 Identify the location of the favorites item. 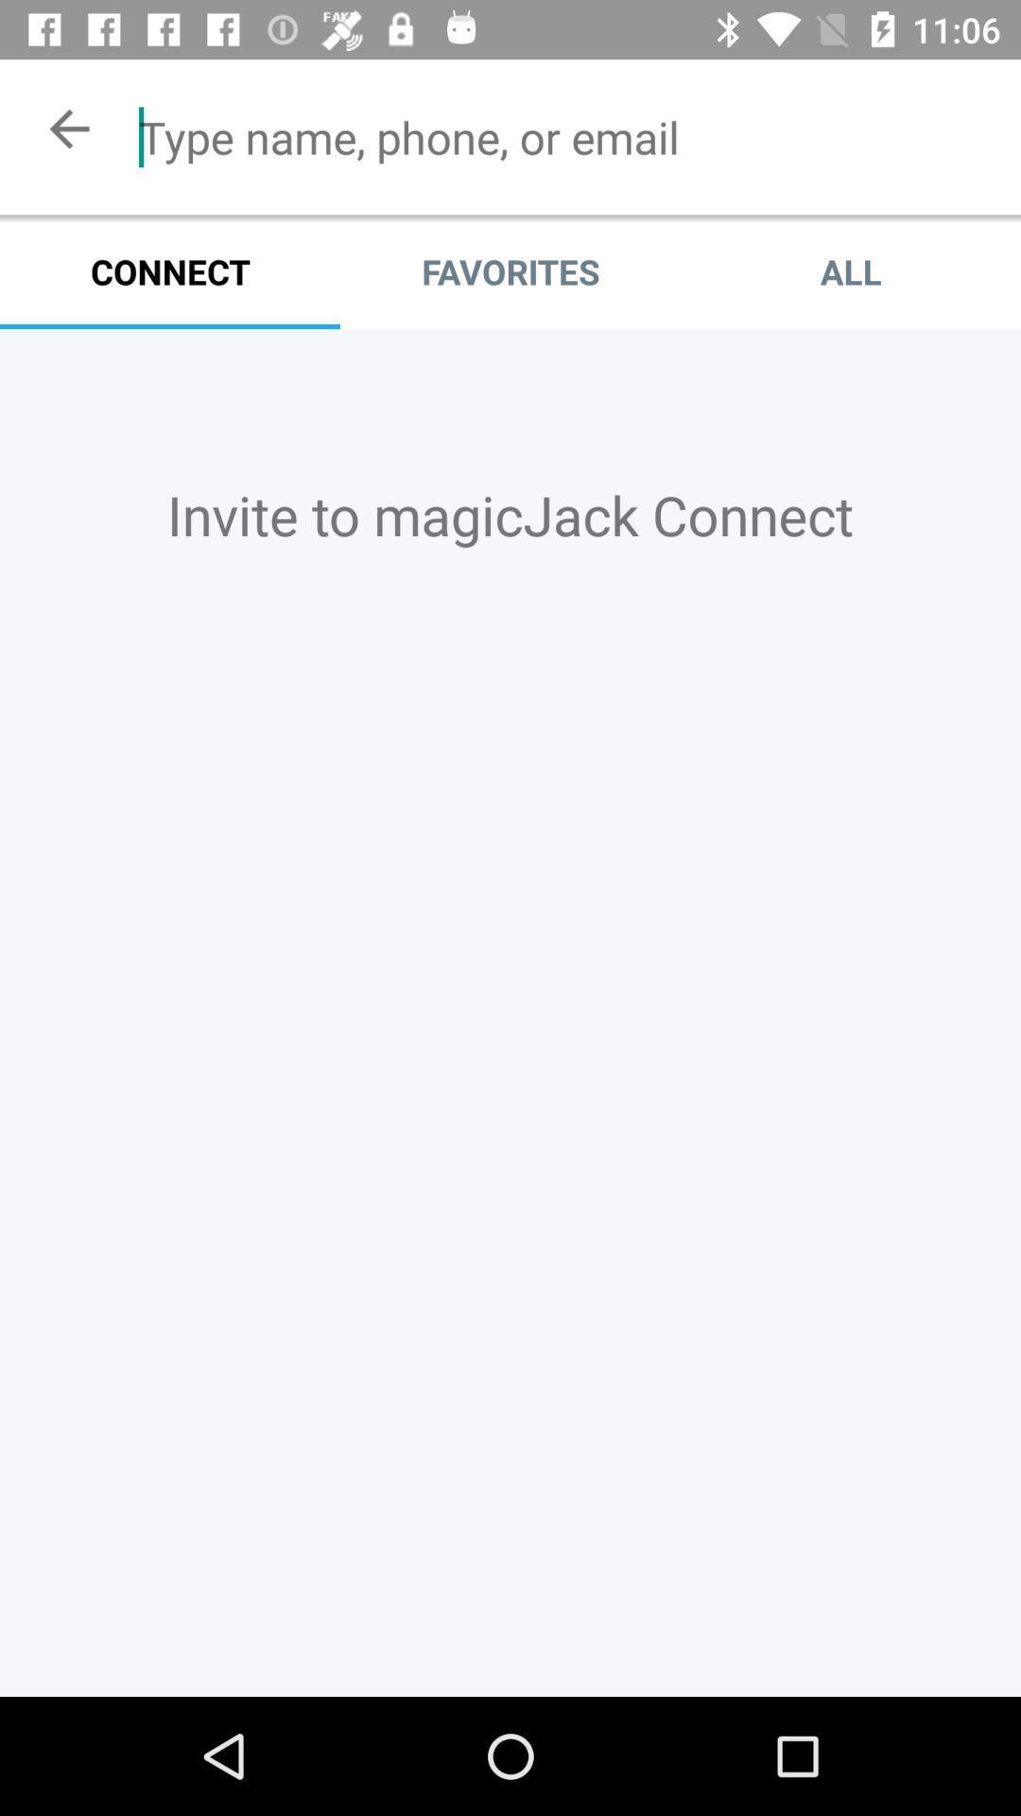
(510, 271).